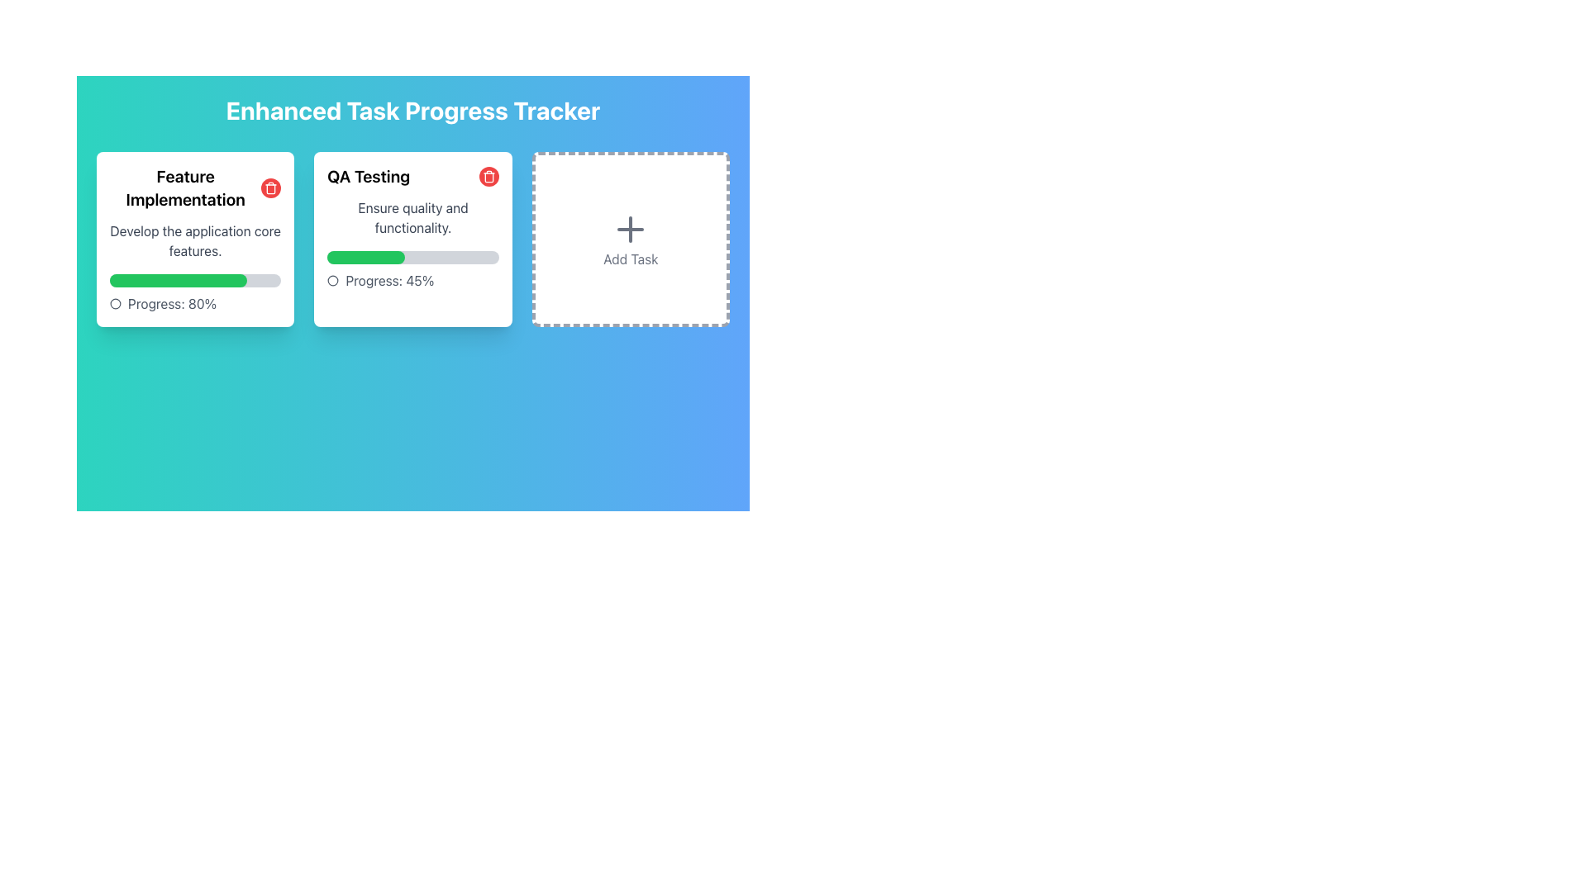  What do you see at coordinates (185, 187) in the screenshot?
I see `the text header labeled 'Feature Implementation', which is styled in bold and positioned at the top of the leftmost task card` at bounding box center [185, 187].